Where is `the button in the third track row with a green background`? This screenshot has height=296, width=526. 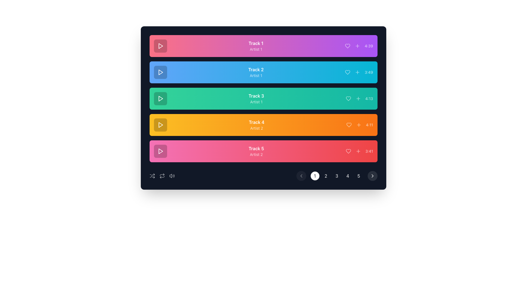
the button in the third track row with a green background is located at coordinates (358, 98).